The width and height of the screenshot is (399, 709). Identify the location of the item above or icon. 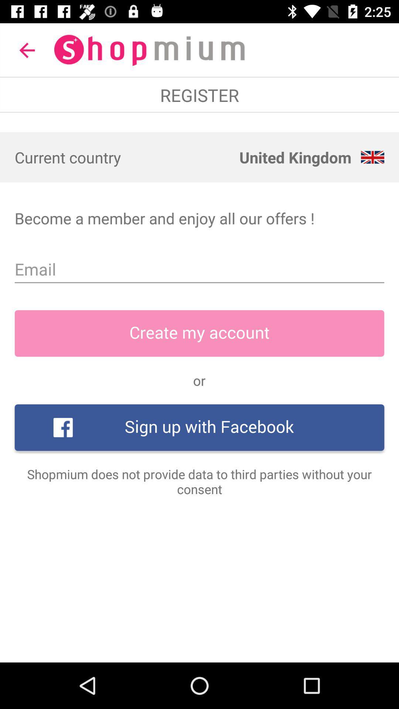
(199, 333).